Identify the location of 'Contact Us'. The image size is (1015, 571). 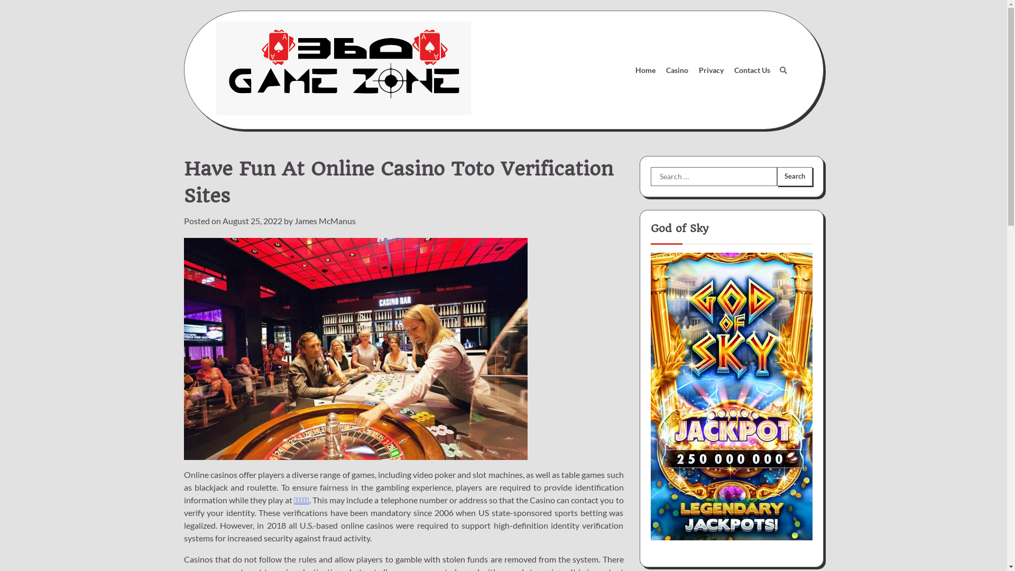
(751, 70).